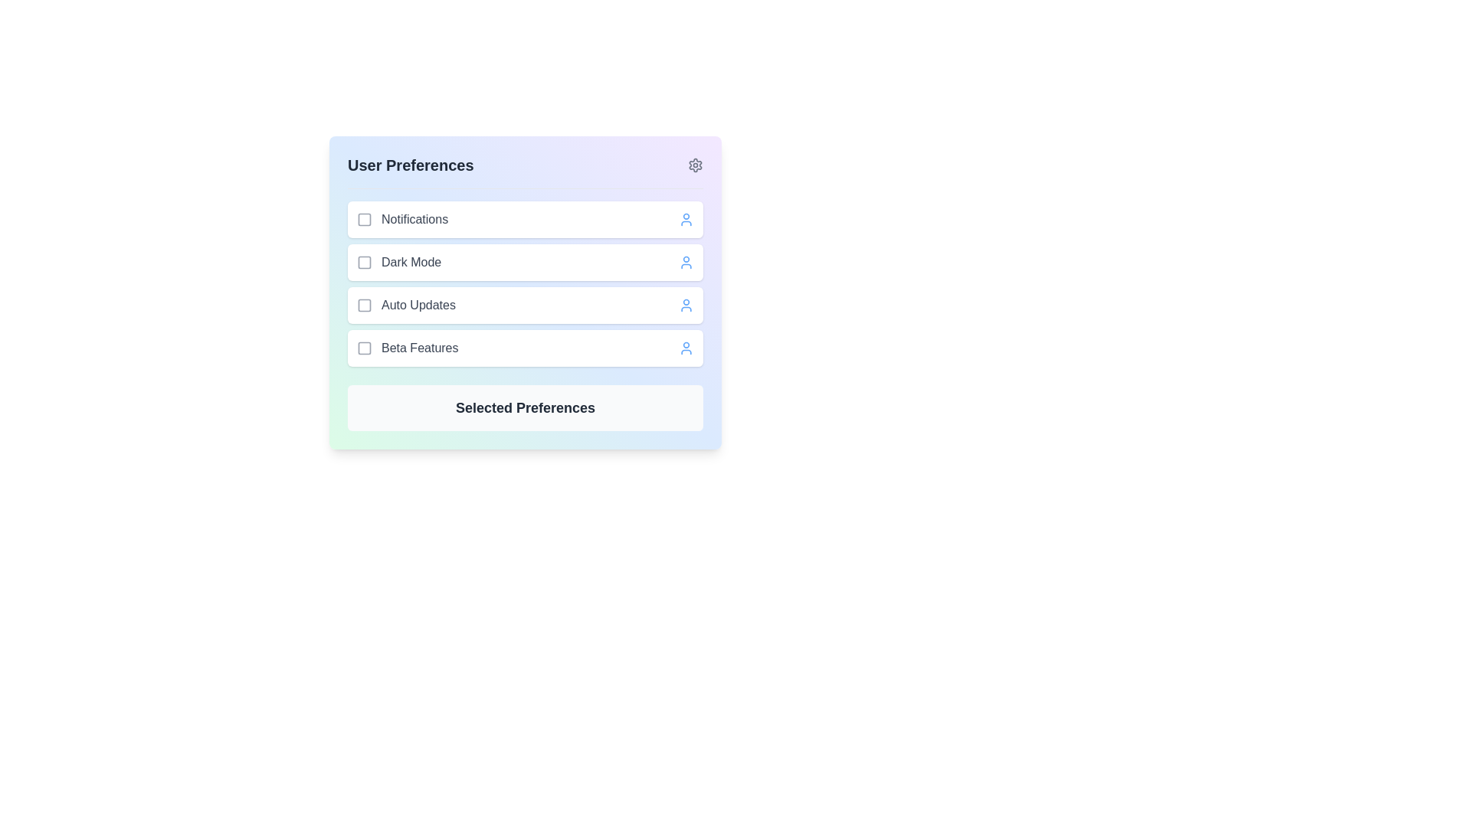 This screenshot has height=827, width=1471. What do you see at coordinates (526, 219) in the screenshot?
I see `the 'Notifications' toggleable setting option within the 'User Preferences' menu` at bounding box center [526, 219].